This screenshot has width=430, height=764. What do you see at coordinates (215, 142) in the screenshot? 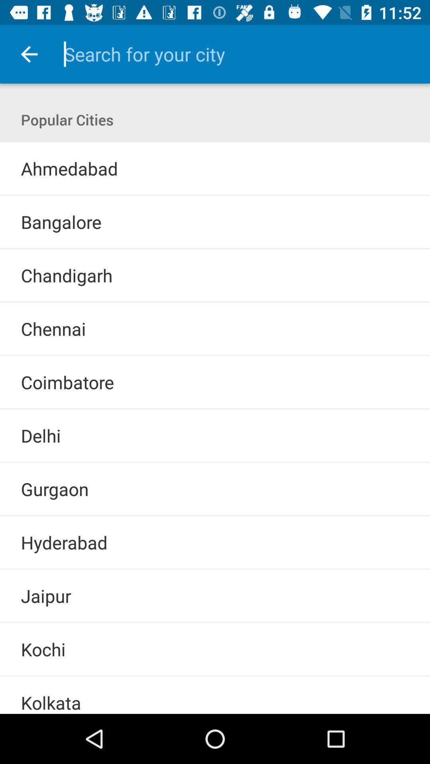
I see `item above the ahmedabad item` at bounding box center [215, 142].